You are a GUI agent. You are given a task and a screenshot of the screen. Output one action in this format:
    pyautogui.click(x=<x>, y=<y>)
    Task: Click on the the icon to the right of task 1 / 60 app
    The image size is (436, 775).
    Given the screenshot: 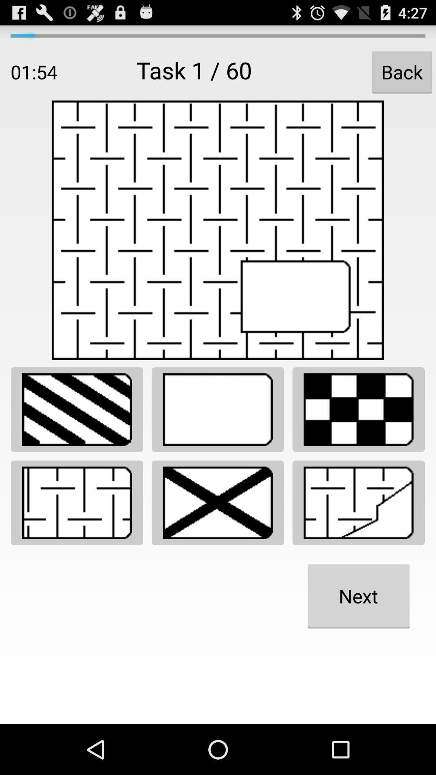 What is the action you would take?
    pyautogui.click(x=402, y=72)
    